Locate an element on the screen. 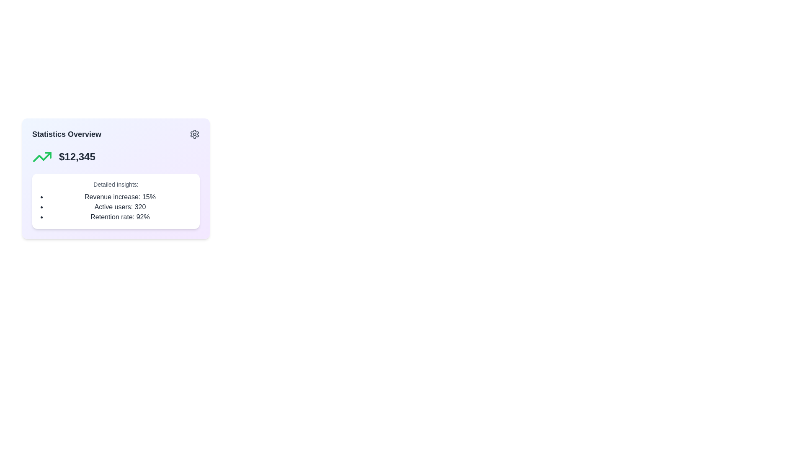 This screenshot has height=452, width=804. text label displaying the revenue increase percentage, which is the first item in the vertical bulleted list within the 'Detailed Insights' section is located at coordinates (120, 197).